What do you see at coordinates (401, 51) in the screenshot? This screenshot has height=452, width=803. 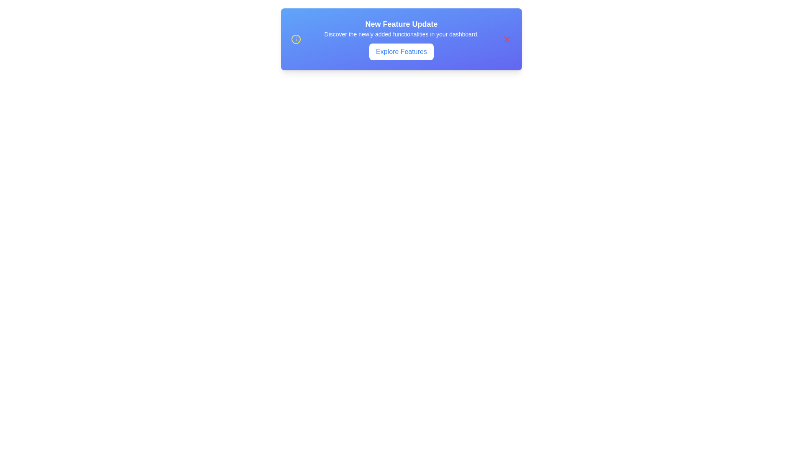 I see `the 'Explore Features' button to explore the features` at bounding box center [401, 51].